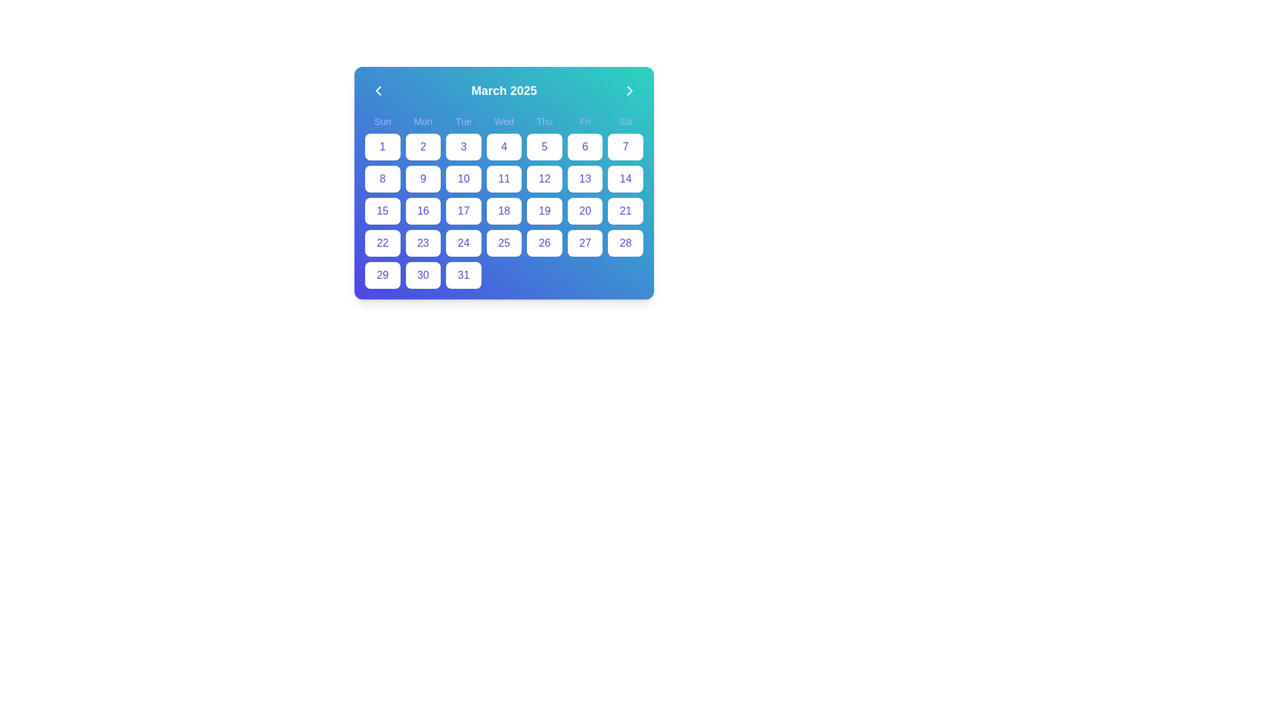 The height and width of the screenshot is (722, 1284). Describe the element at coordinates (585, 146) in the screenshot. I see `the button displaying the number '6' in a white rounded rectangle, located in the second row and sixth column of the calendar grid, beneath the 'Fri' label` at that location.